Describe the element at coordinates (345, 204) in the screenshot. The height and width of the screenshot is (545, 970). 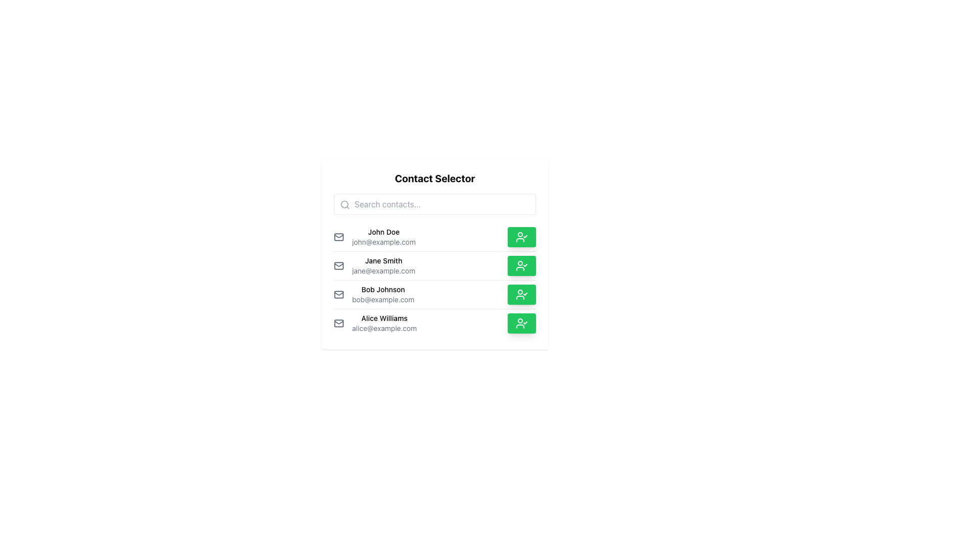
I see `the gray magnifying glass icon with a circular border and crossed handle located to the left of the search box in the Contact Selector panel` at that location.